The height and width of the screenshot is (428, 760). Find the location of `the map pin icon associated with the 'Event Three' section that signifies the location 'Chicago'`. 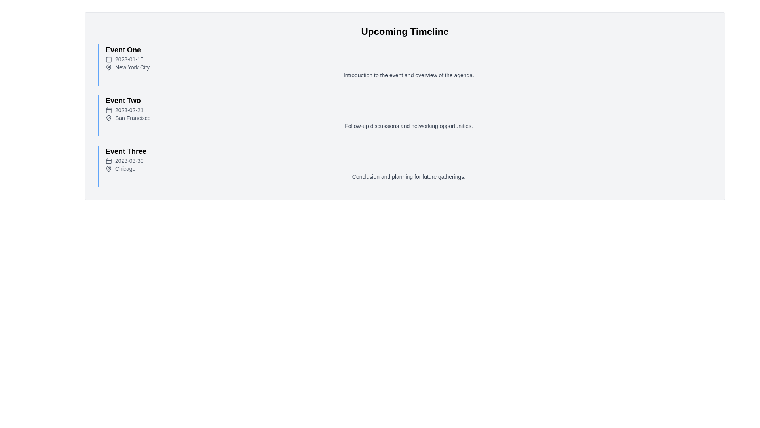

the map pin icon associated with the 'Event Three' section that signifies the location 'Chicago' is located at coordinates (108, 168).